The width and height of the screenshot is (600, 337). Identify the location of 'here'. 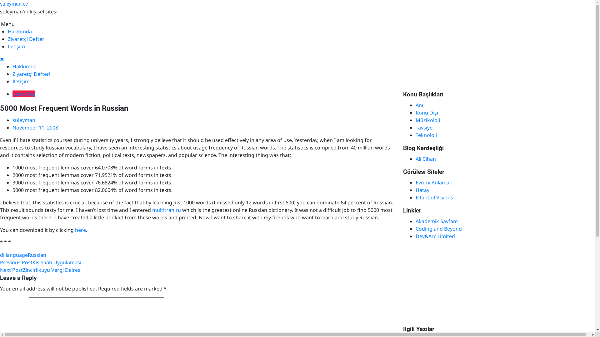
(80, 230).